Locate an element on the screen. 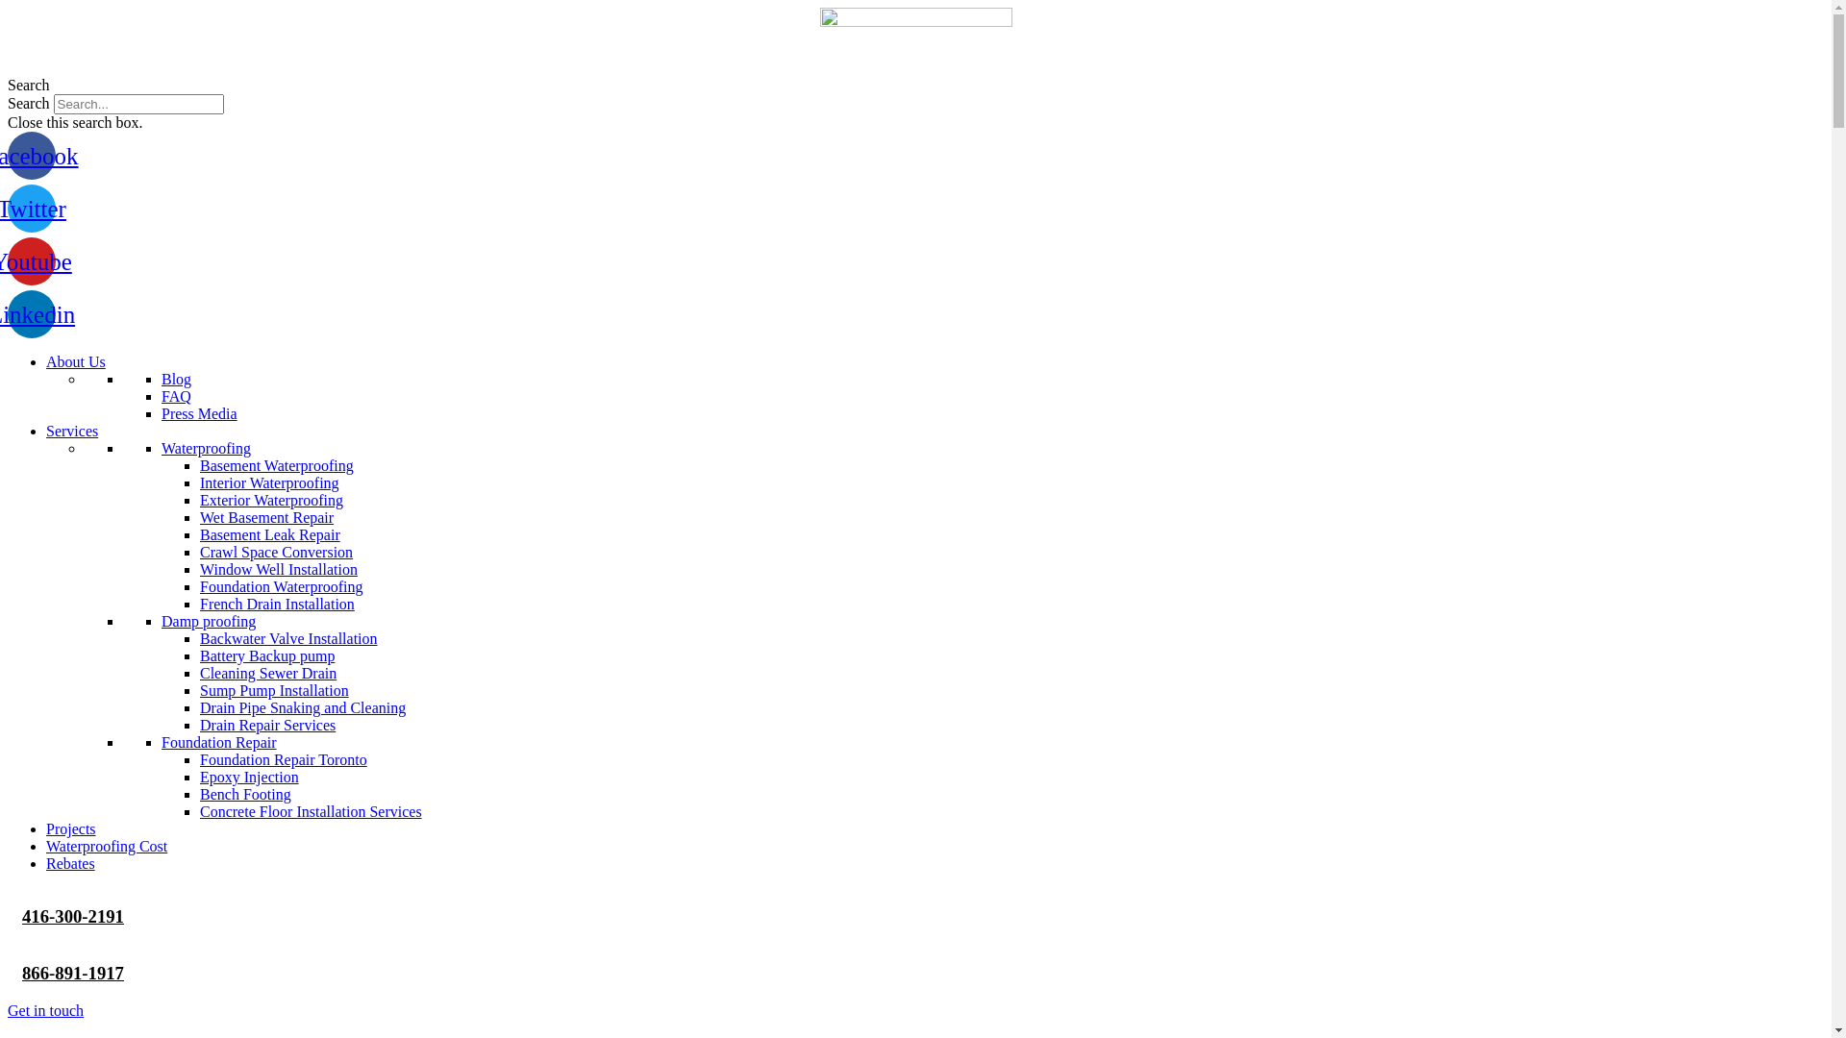  'Foundation Waterproofing' is located at coordinates (280, 585).